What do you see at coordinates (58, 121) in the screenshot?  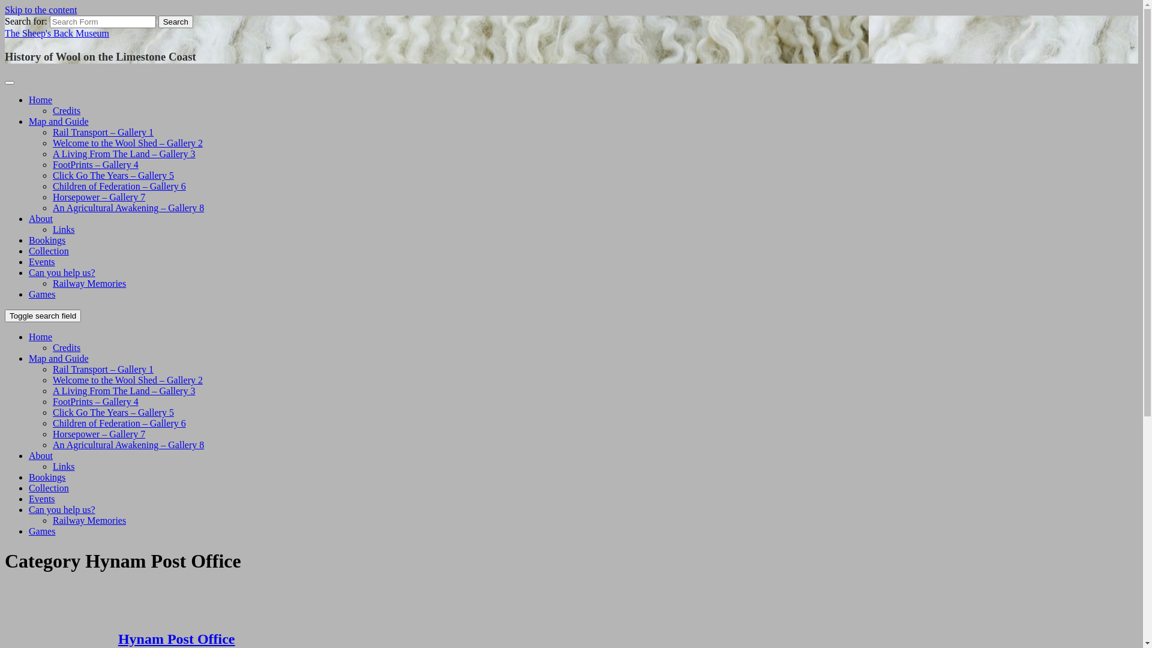 I see `'Map and Guide'` at bounding box center [58, 121].